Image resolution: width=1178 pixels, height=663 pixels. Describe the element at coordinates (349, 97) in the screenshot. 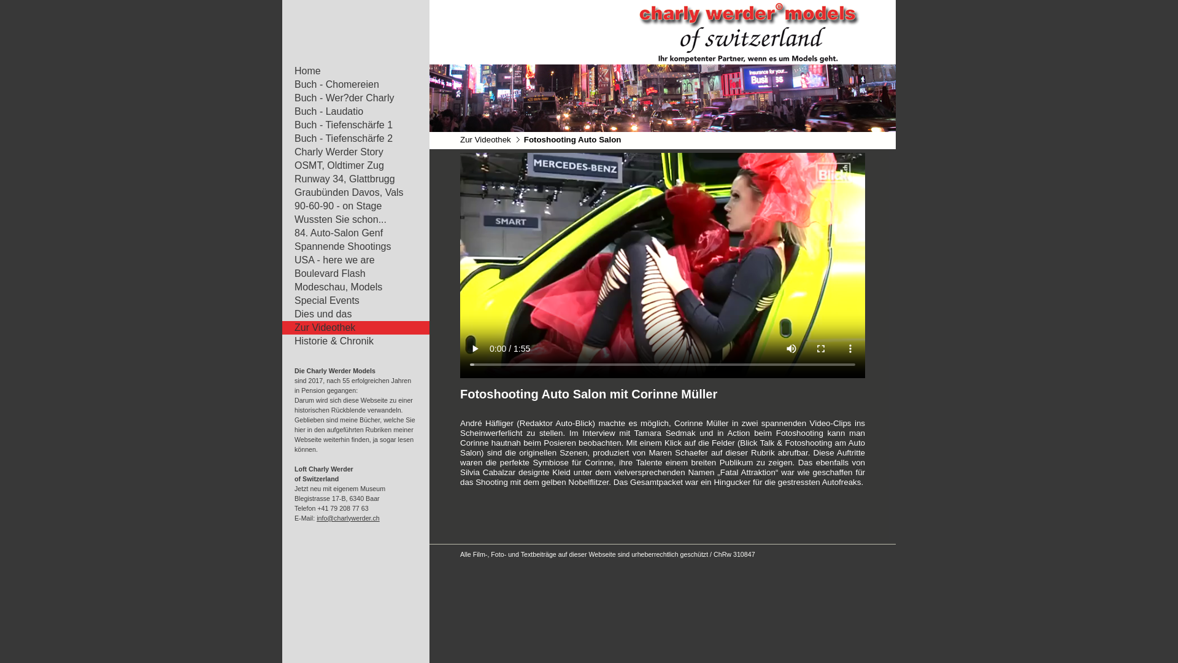

I see `'Buch - Wer?der Charly'` at that location.